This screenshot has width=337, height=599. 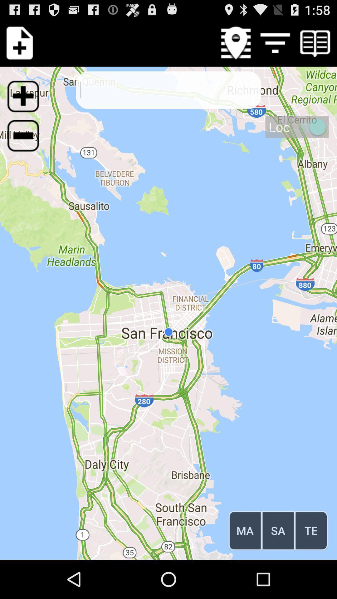 I want to click on button to the right of the ma icon, so click(x=278, y=530).